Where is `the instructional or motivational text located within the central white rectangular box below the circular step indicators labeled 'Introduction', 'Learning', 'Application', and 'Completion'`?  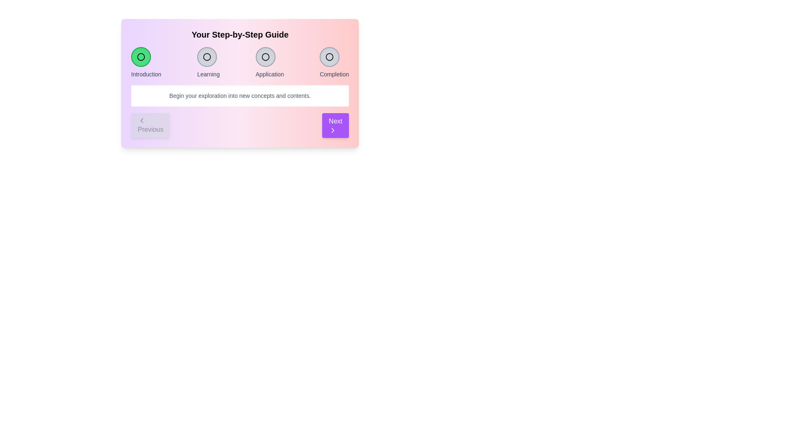
the instructional or motivational text located within the central white rectangular box below the circular step indicators labeled 'Introduction', 'Learning', 'Application', and 'Completion' is located at coordinates (239, 95).